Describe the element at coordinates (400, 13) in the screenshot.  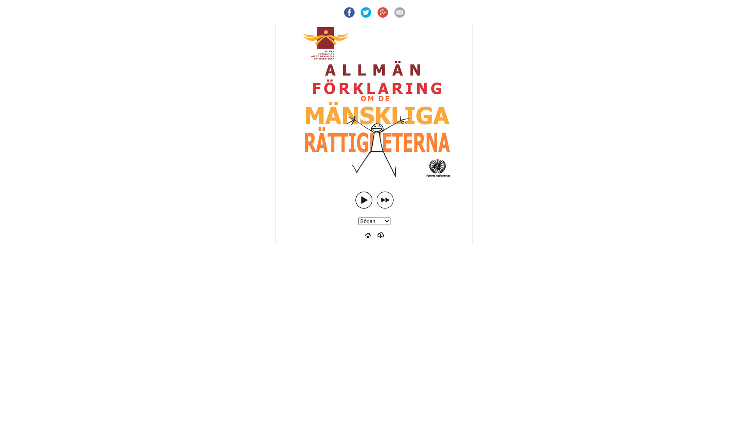
I see `'Email'` at that location.